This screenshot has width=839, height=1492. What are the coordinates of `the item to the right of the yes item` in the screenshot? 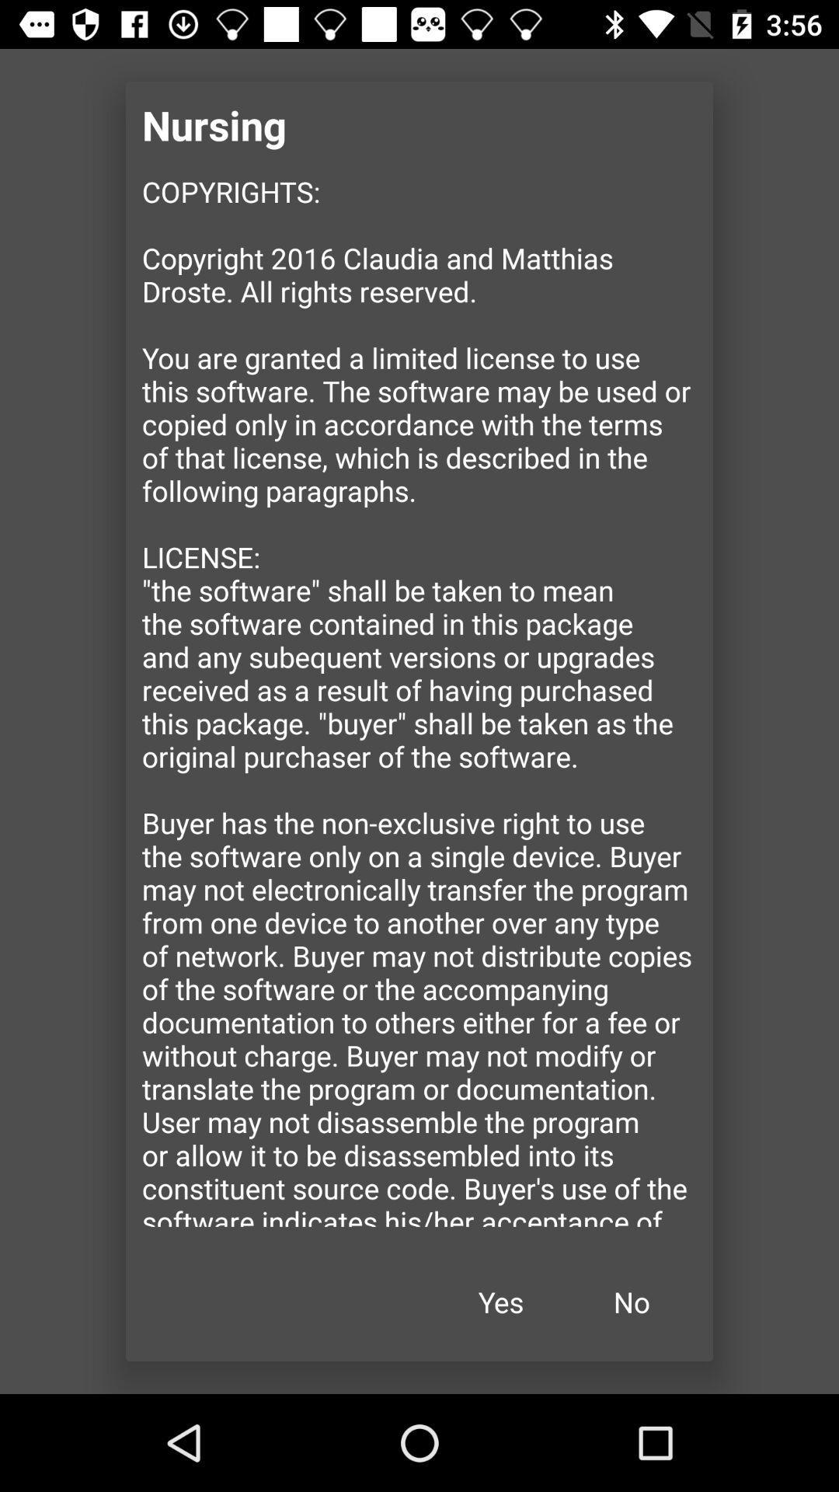 It's located at (632, 1302).